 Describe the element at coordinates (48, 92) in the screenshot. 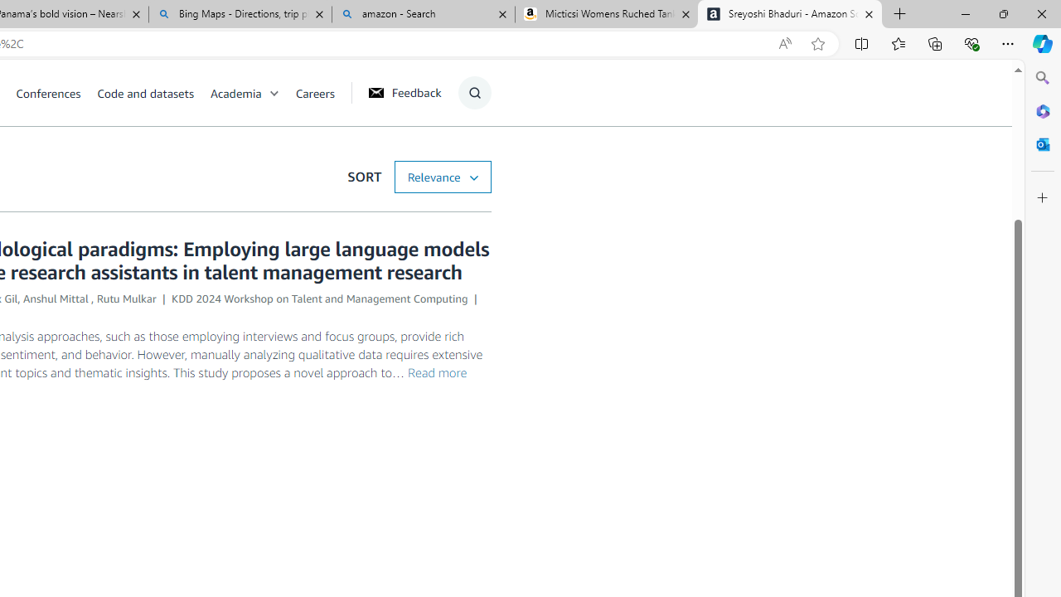

I see `'Conferences'` at that location.